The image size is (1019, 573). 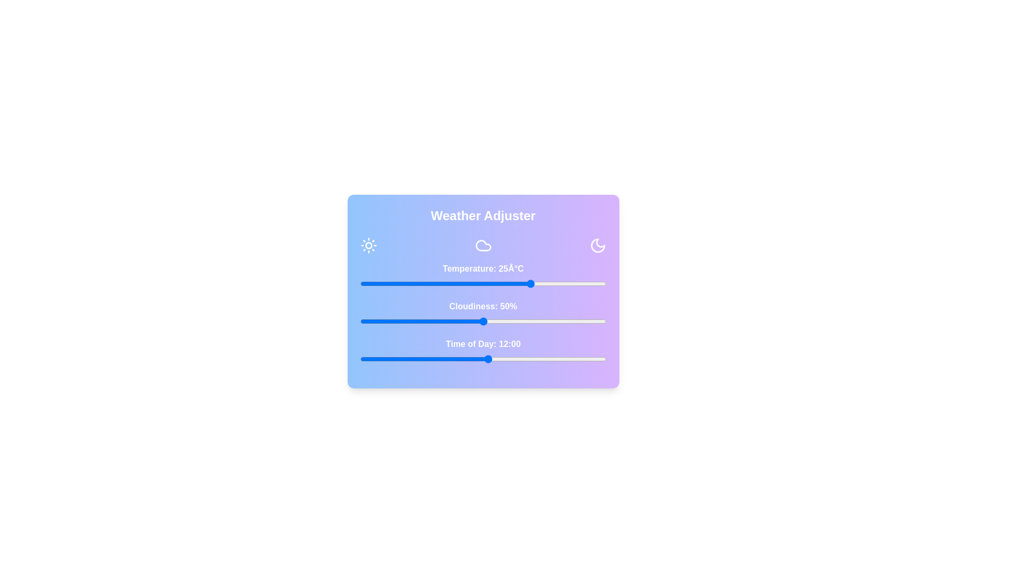 I want to click on the cloudiness level, so click(x=532, y=320).